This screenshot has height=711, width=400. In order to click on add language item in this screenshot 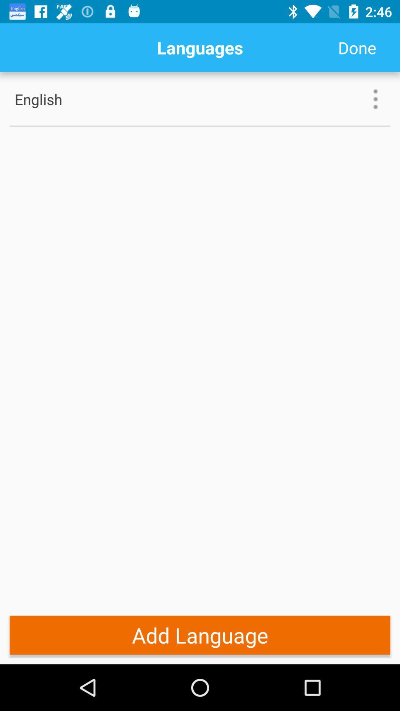, I will do `click(200, 635)`.